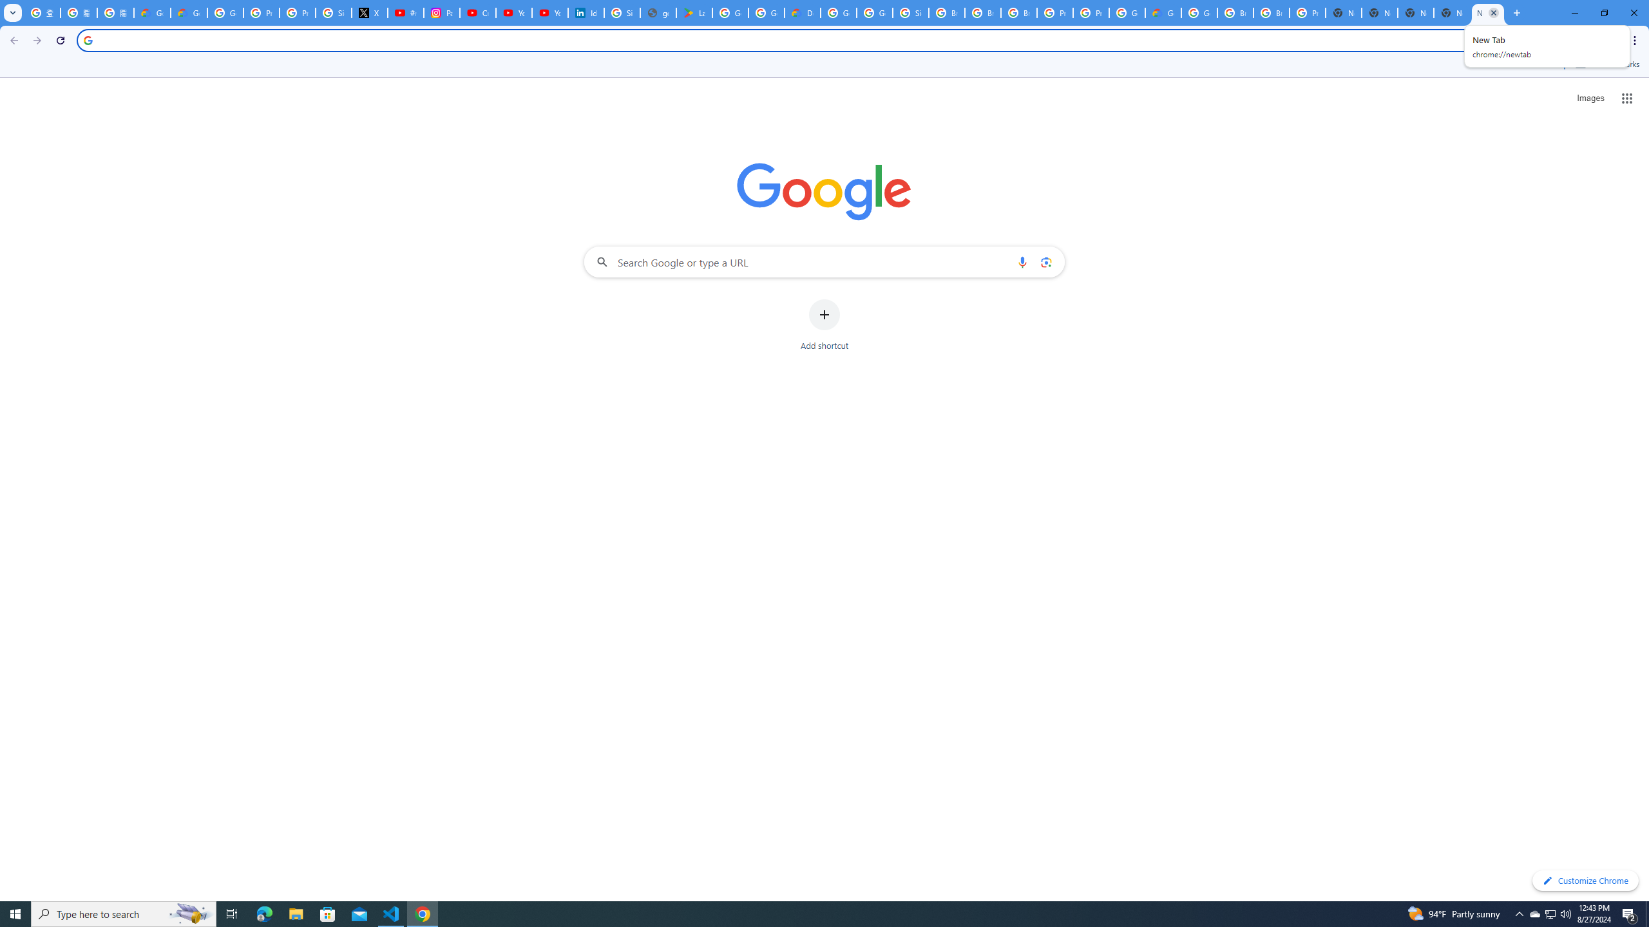 The image size is (1649, 927). Describe the element at coordinates (824, 261) in the screenshot. I see `'Search Google or type a URL'` at that location.